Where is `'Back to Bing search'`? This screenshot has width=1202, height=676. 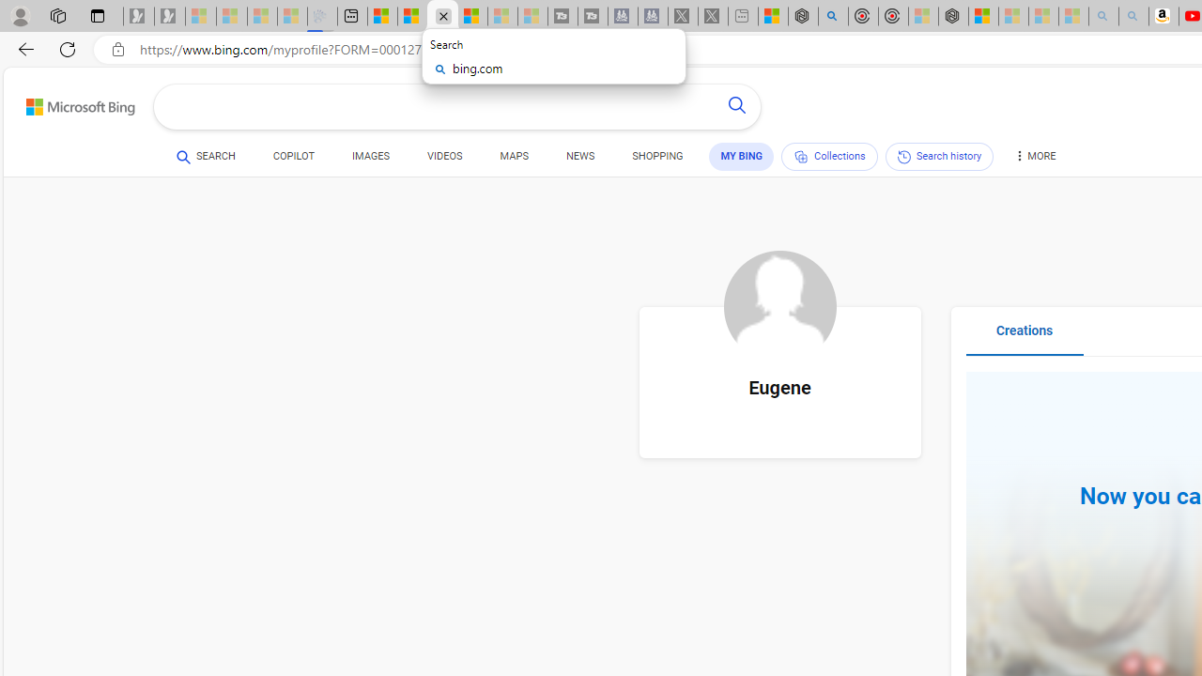
'Back to Bing search' is located at coordinates (69, 103).